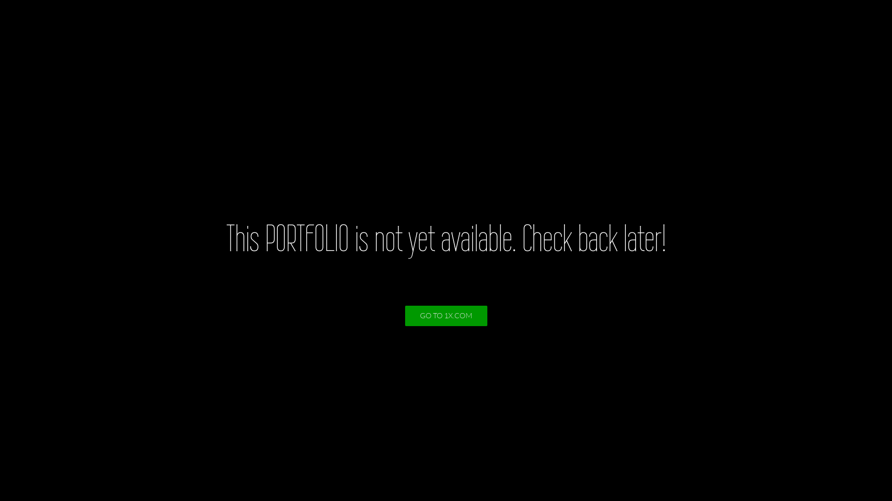  I want to click on 'GO TO 1X.COM', so click(446, 315).